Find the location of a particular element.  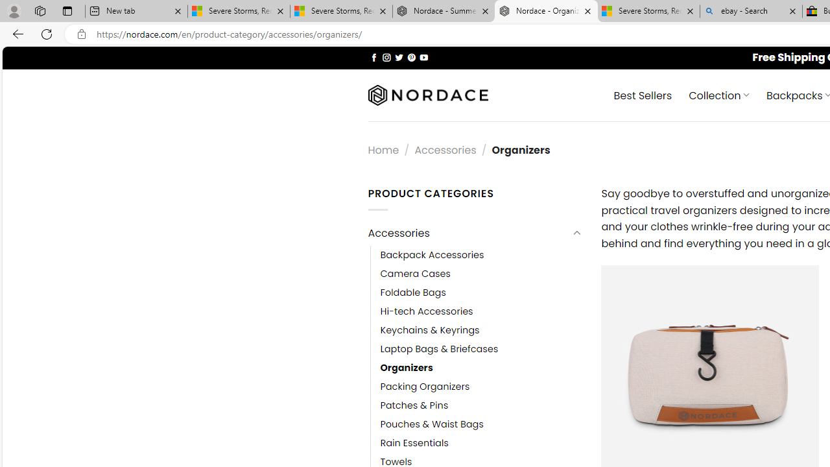

'Personal Profile' is located at coordinates (14, 10).